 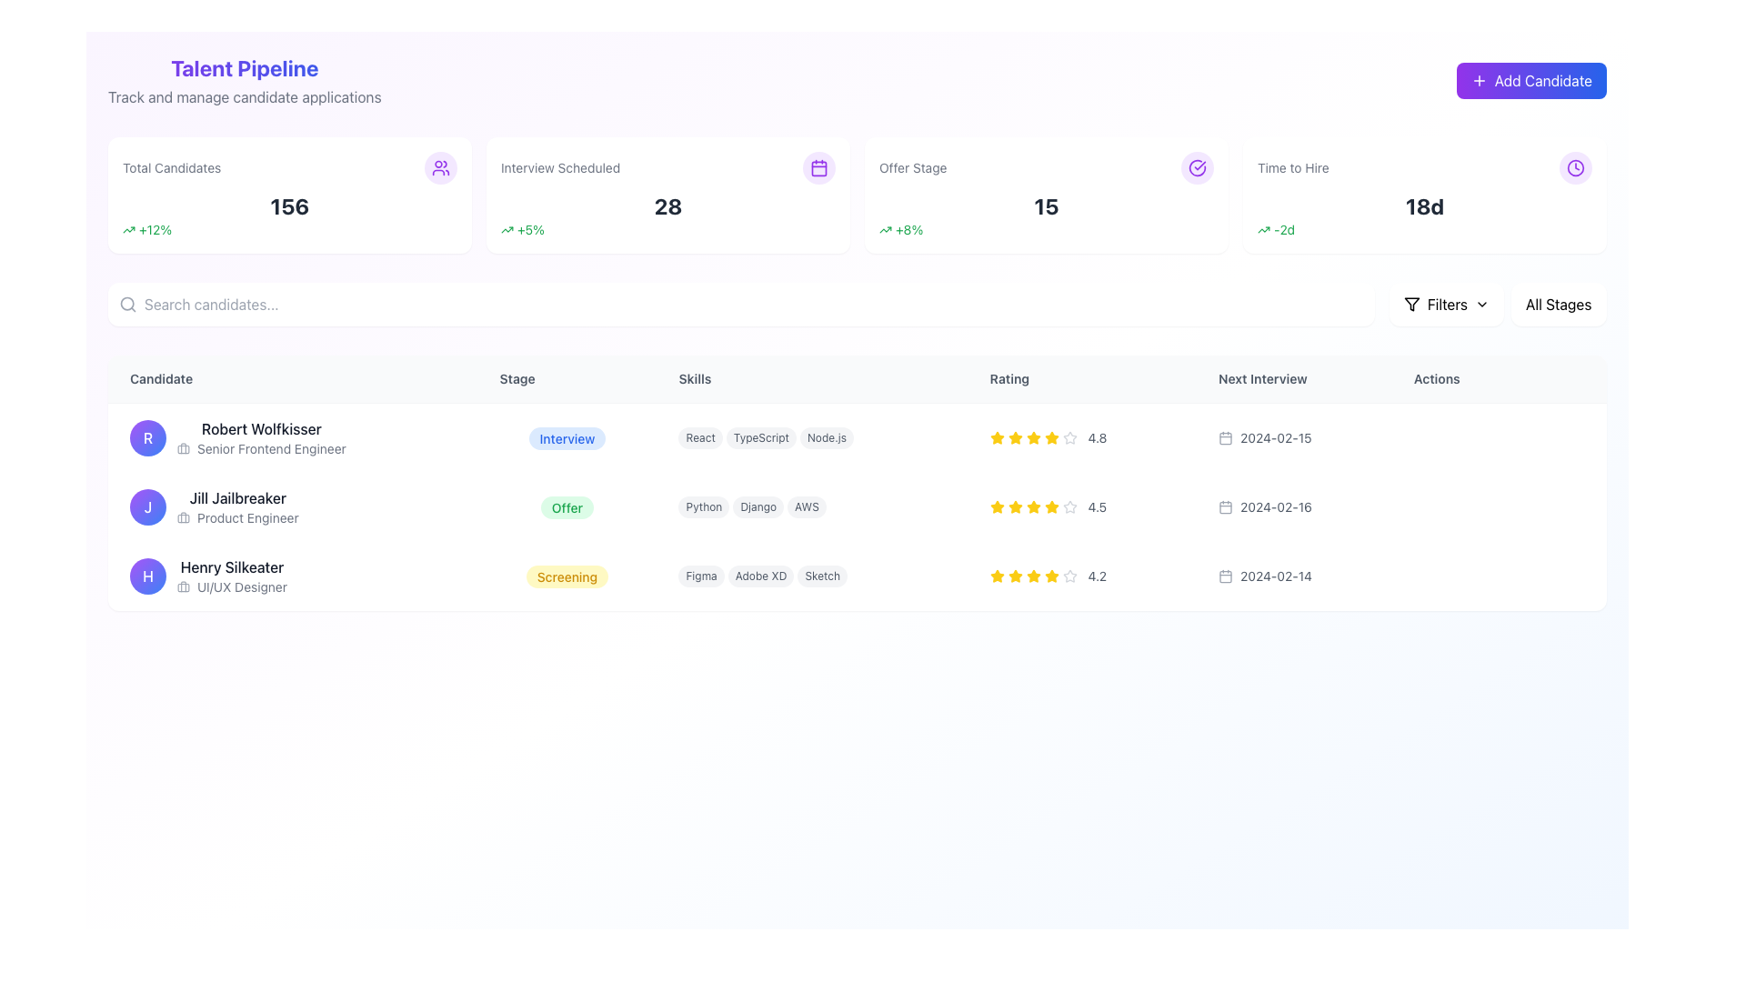 I want to click on the text label displaying '4.8' in gray color located in the 'Rating' column of the first row in the data table, positioned to the right of the five-star rating system, so click(x=1096, y=438).